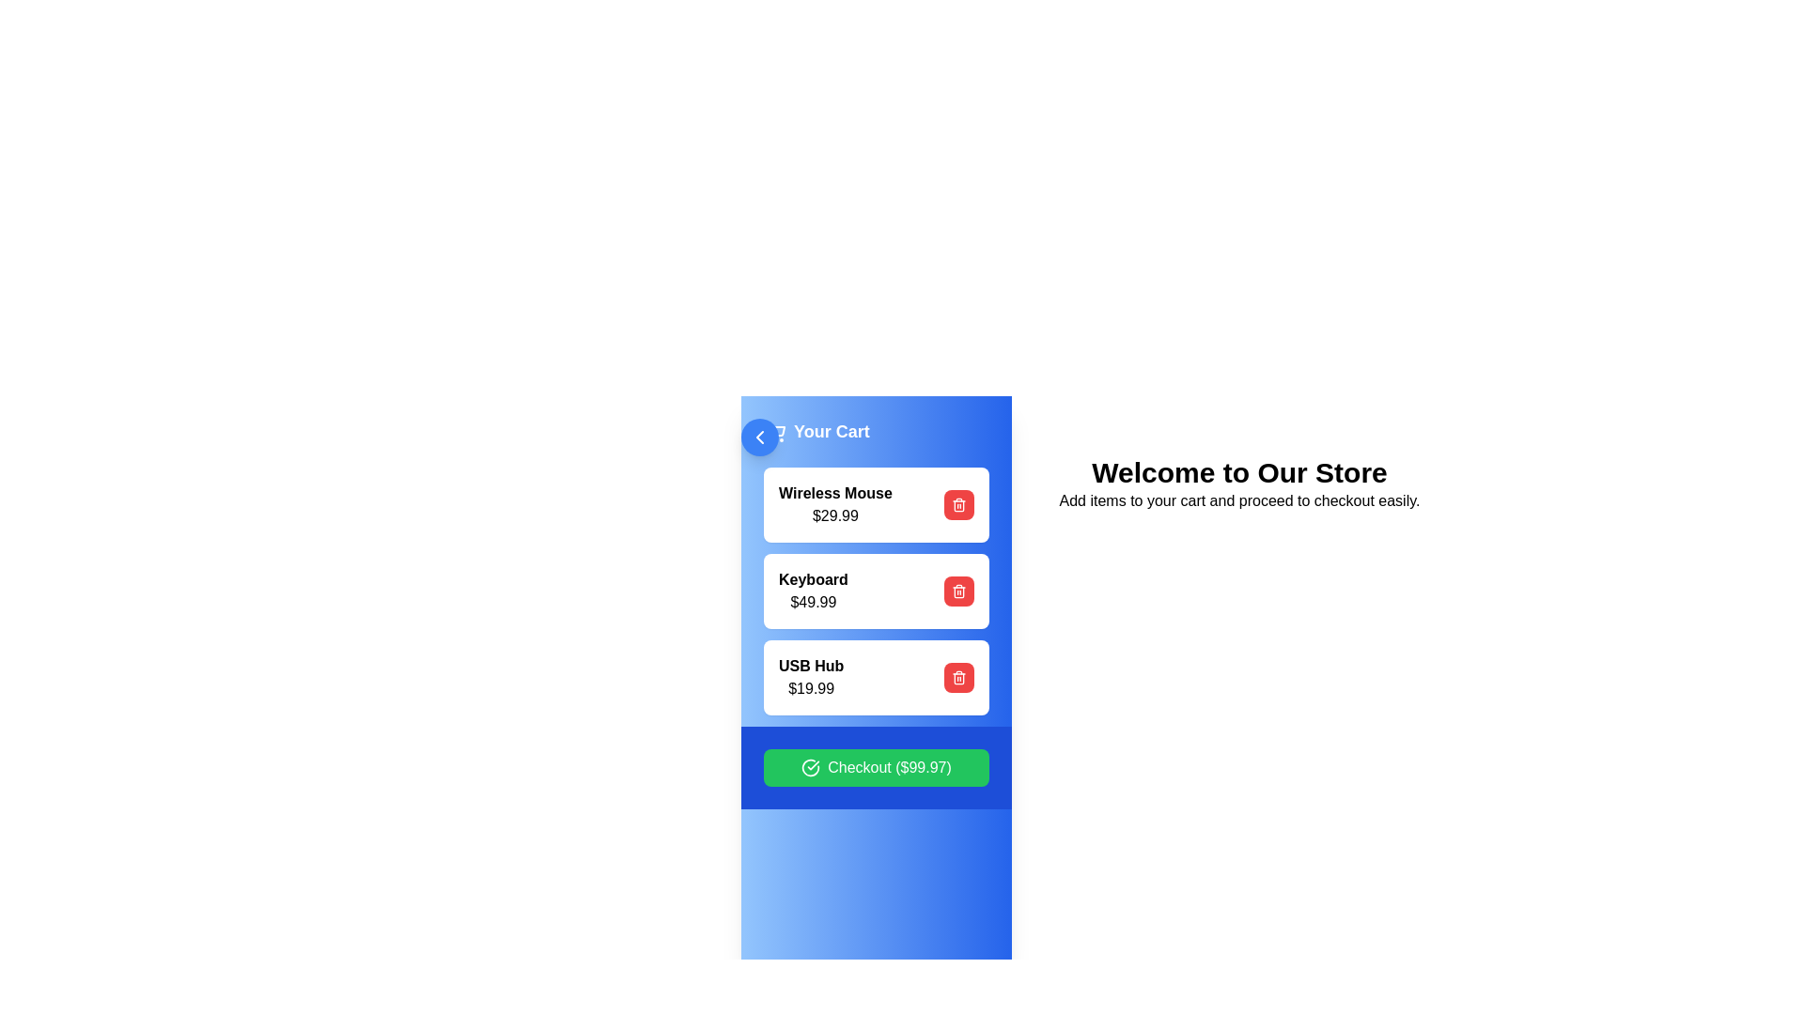 The width and height of the screenshot is (1804, 1014). I want to click on price displayed as '$29.99' in bold and dark font, located beneath the 'Wireless Mouse' label in the shopping cart section, so click(834, 516).